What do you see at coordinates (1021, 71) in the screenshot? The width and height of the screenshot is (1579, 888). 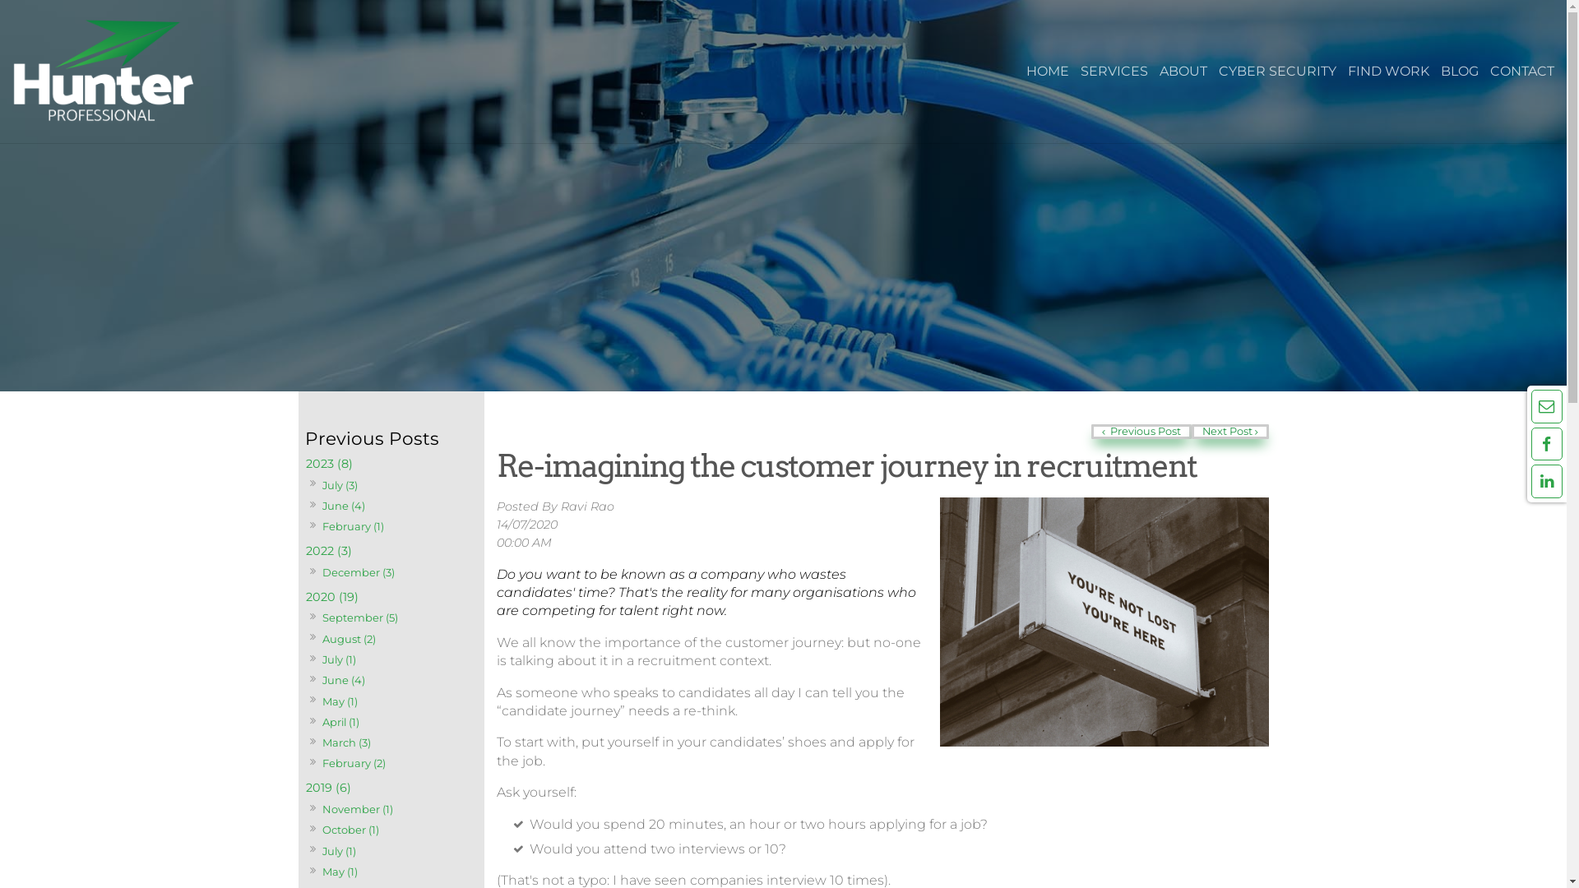 I see `'HOME'` at bounding box center [1021, 71].